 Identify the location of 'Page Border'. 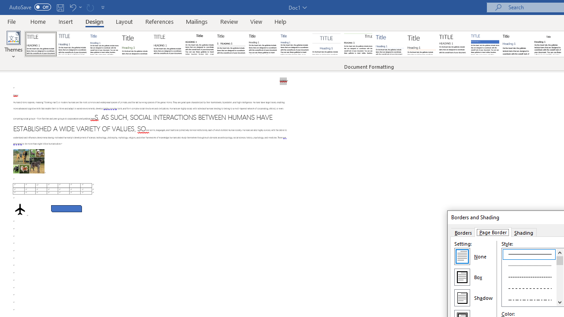
(492, 232).